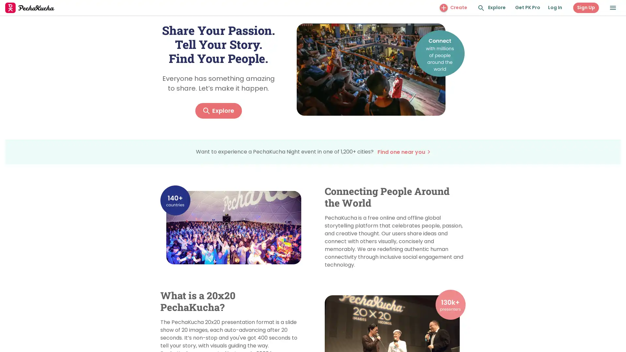 The image size is (626, 352). Describe the element at coordinates (218, 110) in the screenshot. I see `Explore` at that location.